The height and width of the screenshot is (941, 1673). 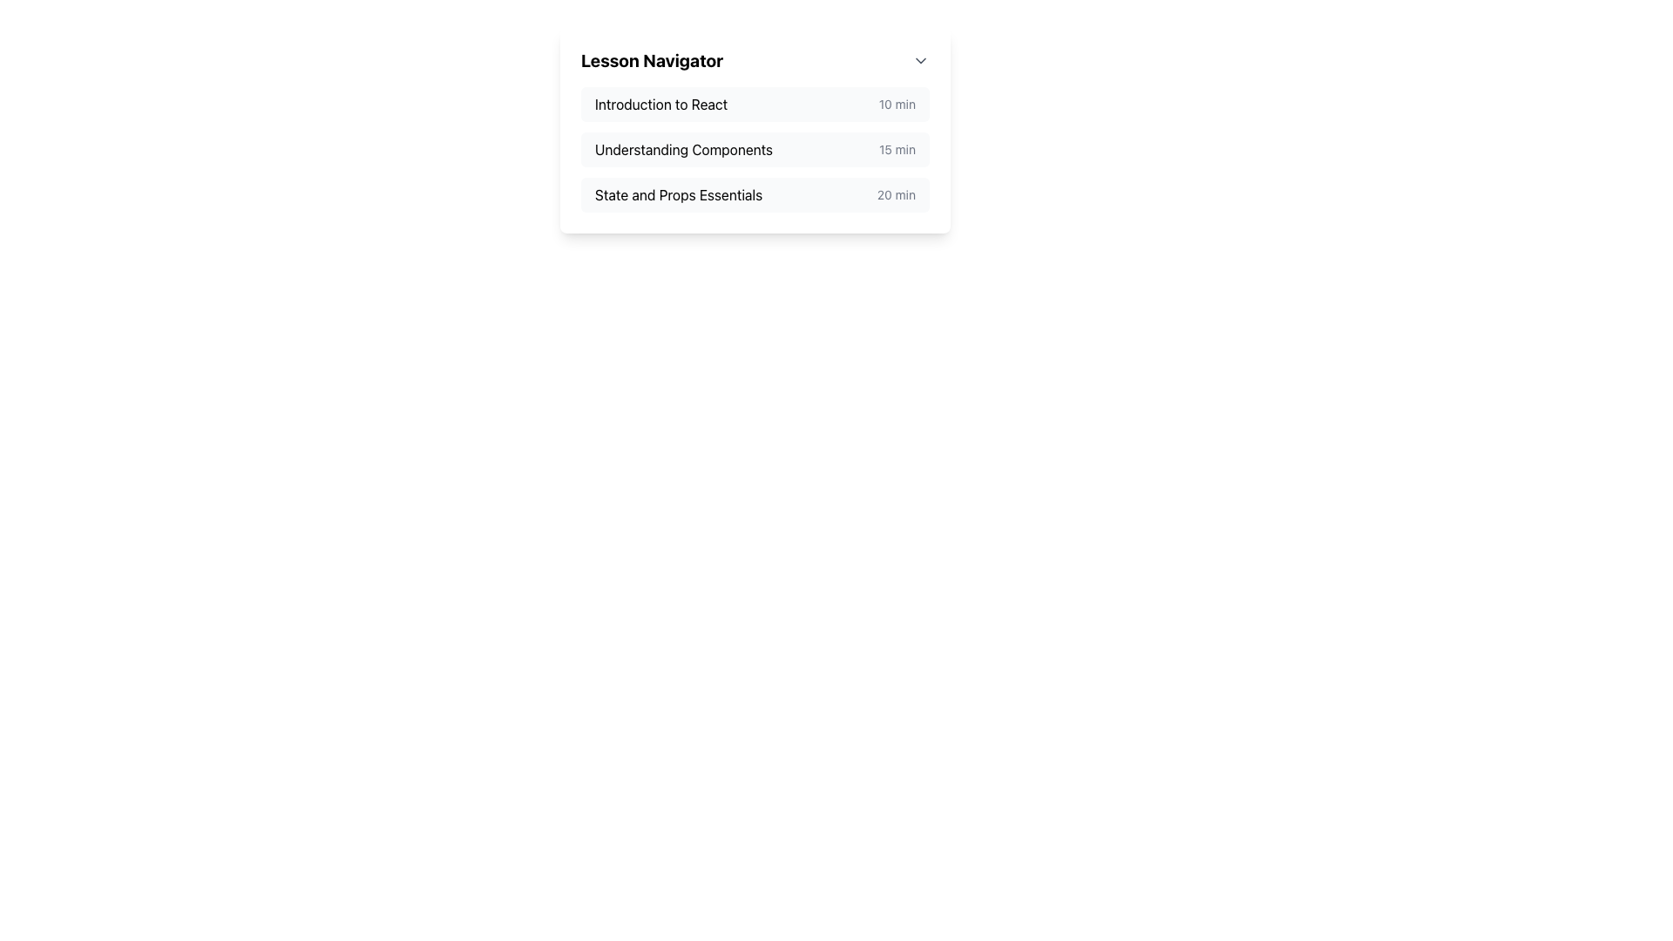 What do you see at coordinates (896, 194) in the screenshot?
I see `the text label displaying the duration of the lesson 'State and Props Essentials', which is located at the right end of the row containing the lesson title` at bounding box center [896, 194].